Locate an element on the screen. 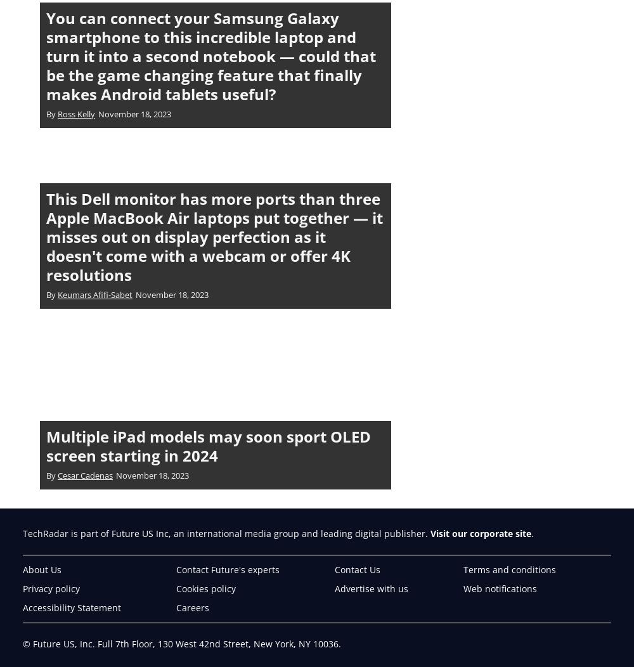 The width and height of the screenshot is (634, 667). 'You can connect your Samsung Galaxy smartphone to this incredible laptop and turn it into a second notebook — could that be the game changing feature that finally makes Android tablets useful?' is located at coordinates (210, 55).